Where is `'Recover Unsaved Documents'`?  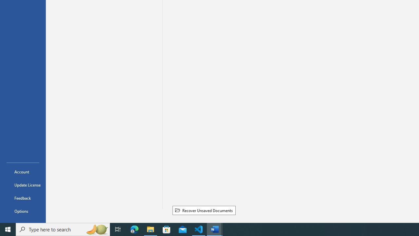
'Recover Unsaved Documents' is located at coordinates (204, 210).